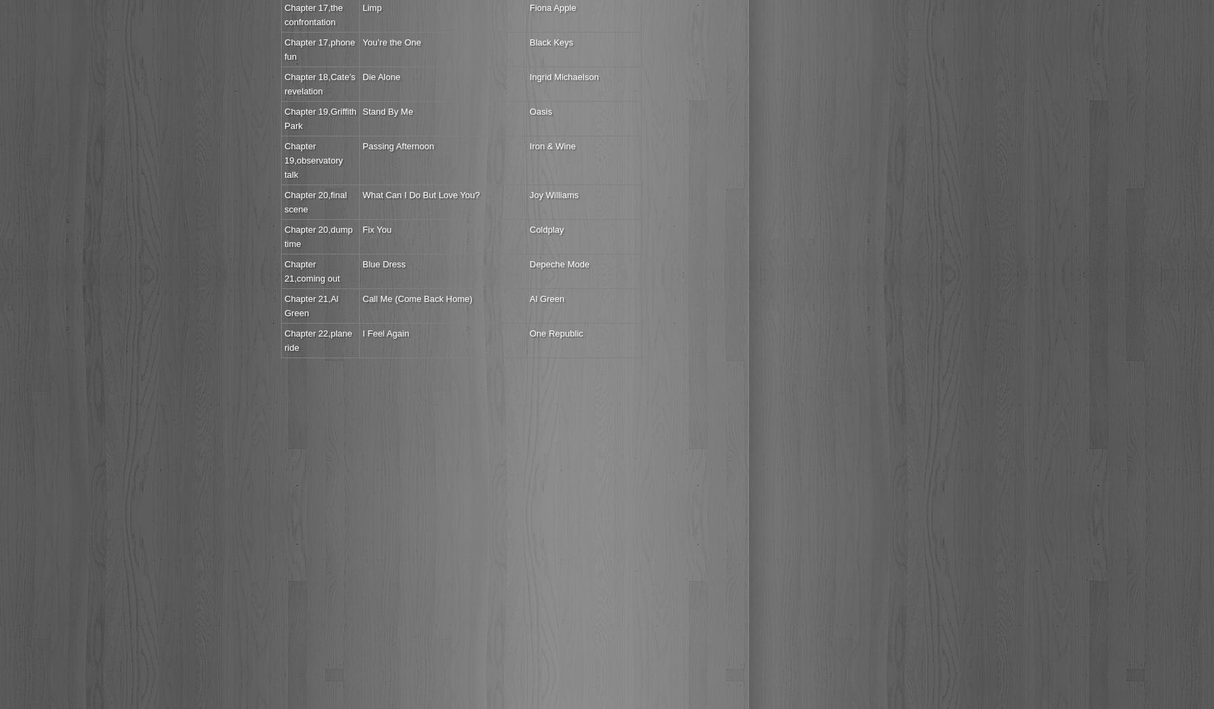 The image size is (1214, 709). I want to click on 'Chapter 20,dump time', so click(318, 236).